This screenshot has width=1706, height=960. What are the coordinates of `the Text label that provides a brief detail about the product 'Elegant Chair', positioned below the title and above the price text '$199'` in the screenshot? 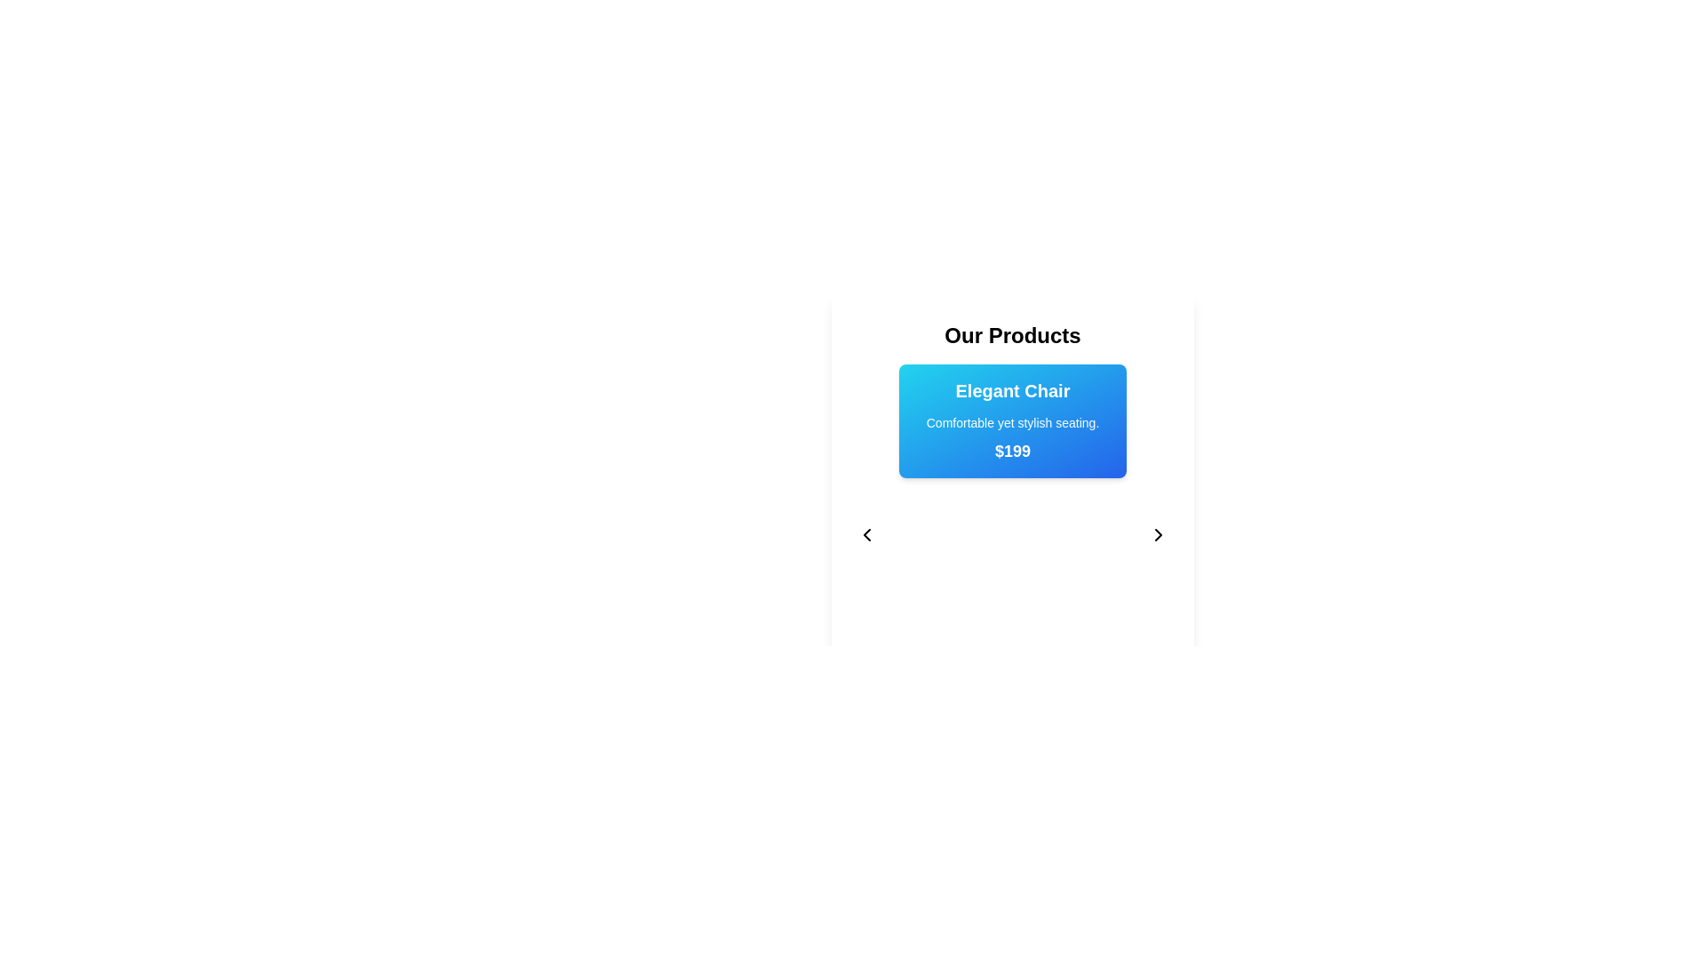 It's located at (1013, 422).